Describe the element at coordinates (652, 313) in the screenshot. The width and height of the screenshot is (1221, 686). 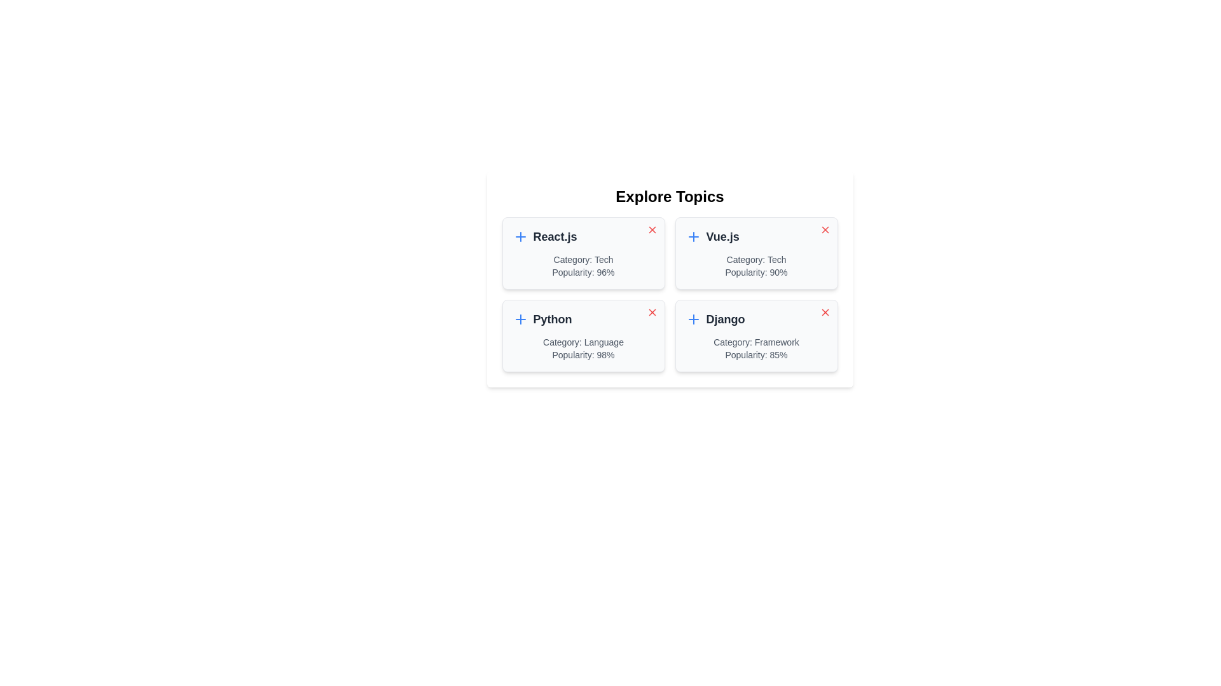
I see `close button of the item labeled Python` at that location.